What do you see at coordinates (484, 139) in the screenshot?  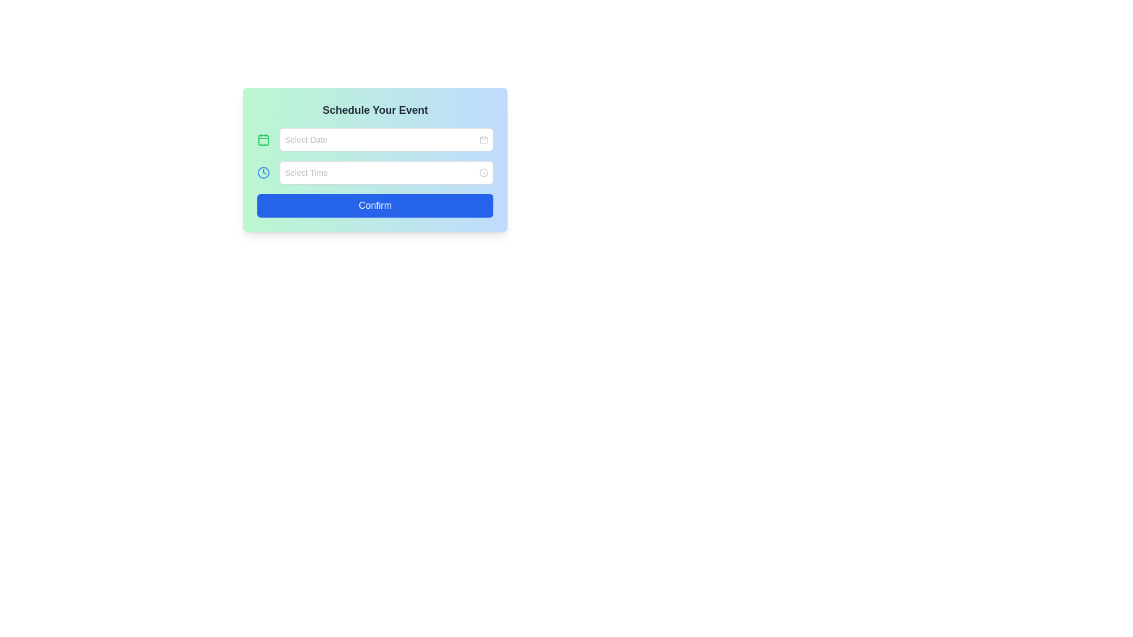 I see `the date selection icon positioned at the far right of the input box next to the placeholder text 'Select Date'` at bounding box center [484, 139].